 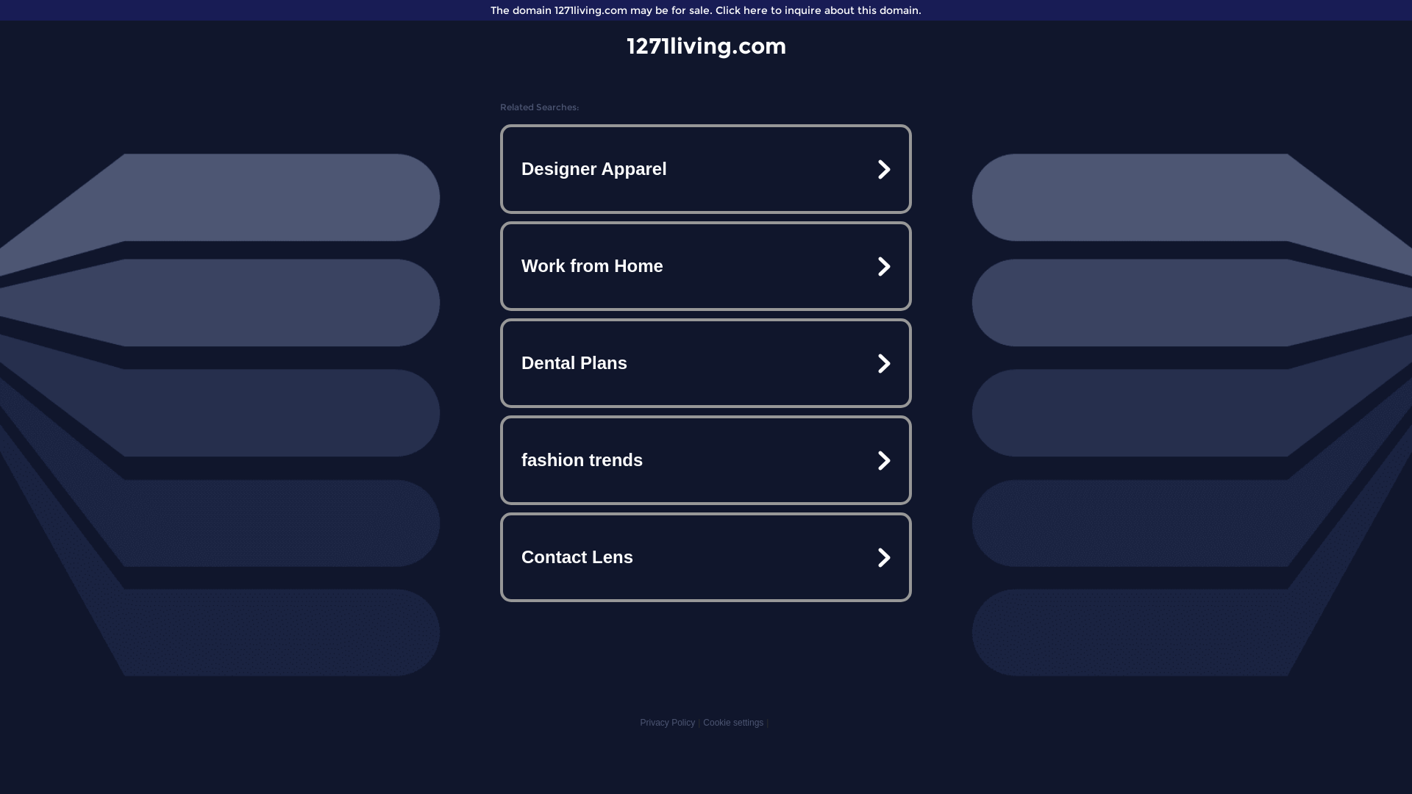 What do you see at coordinates (706, 266) in the screenshot?
I see `'Work from Home'` at bounding box center [706, 266].